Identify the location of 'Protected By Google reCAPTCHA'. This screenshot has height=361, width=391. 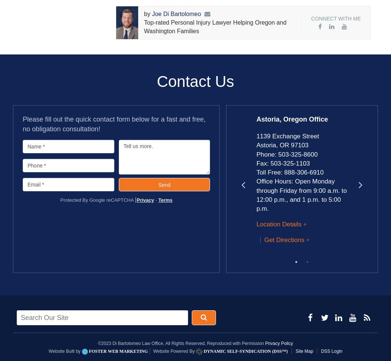
(97, 199).